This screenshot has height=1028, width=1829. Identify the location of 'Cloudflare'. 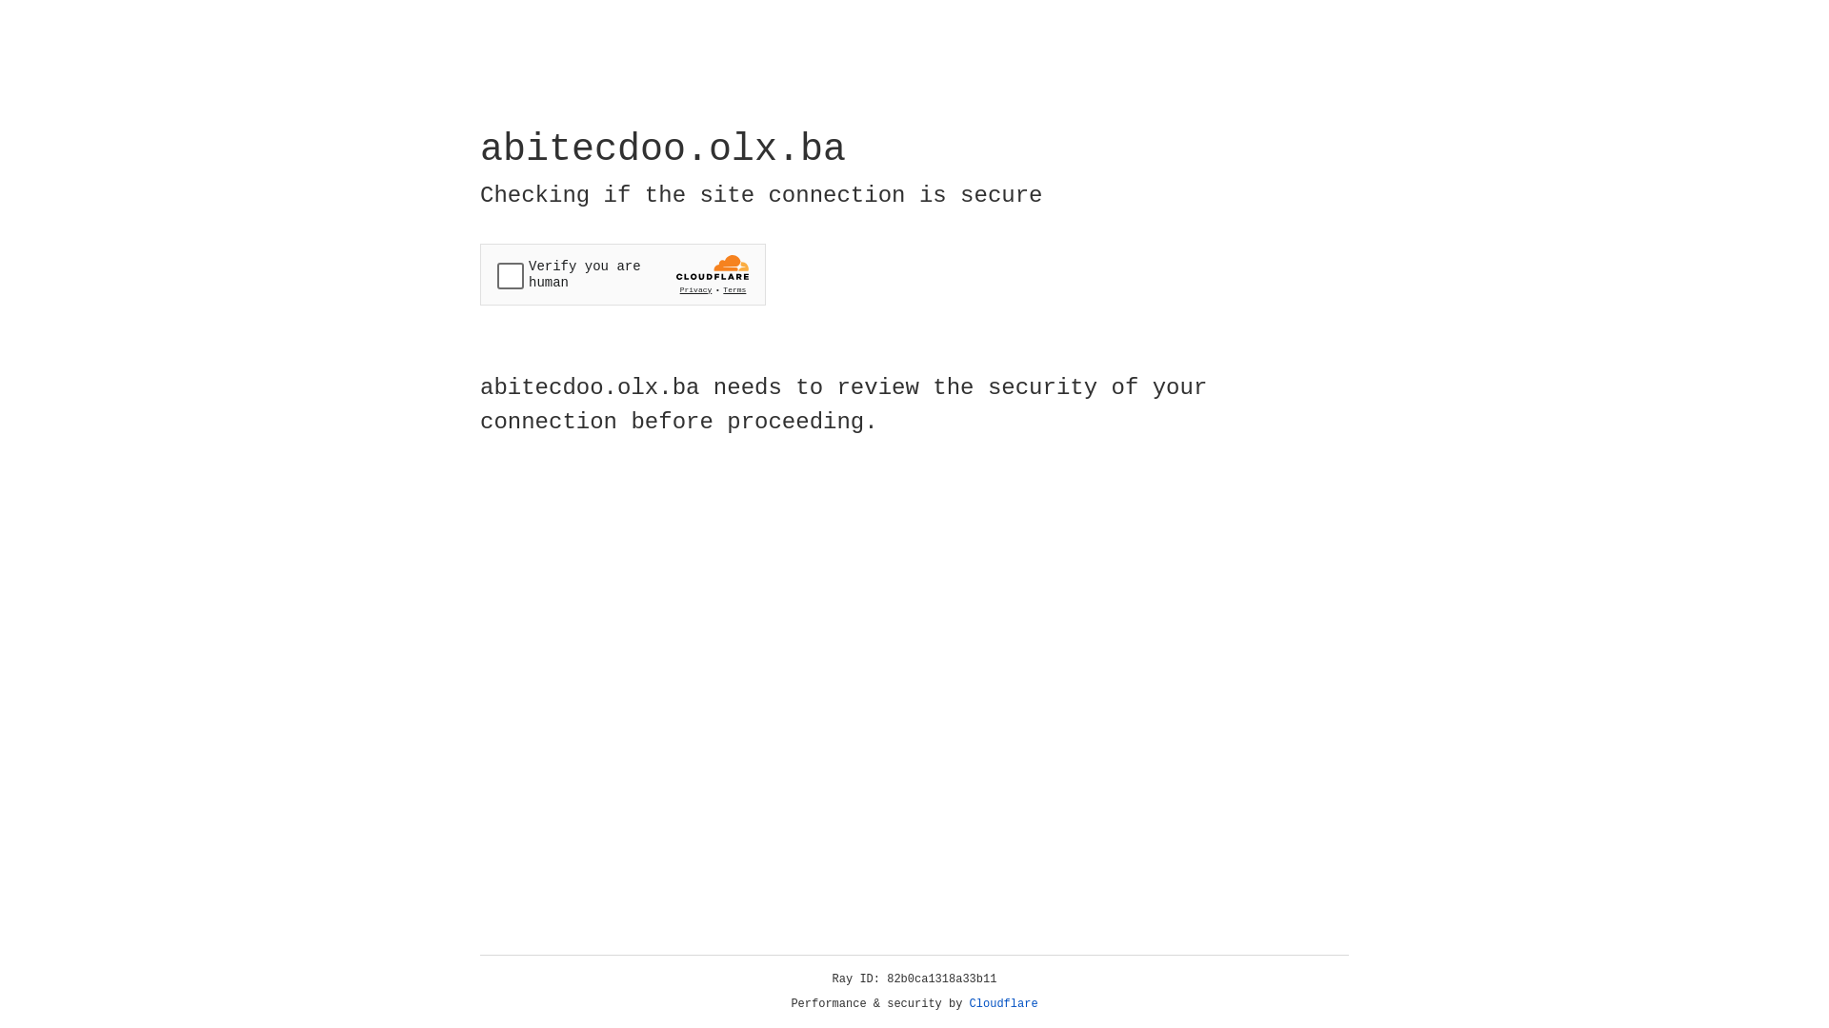
(1003, 1003).